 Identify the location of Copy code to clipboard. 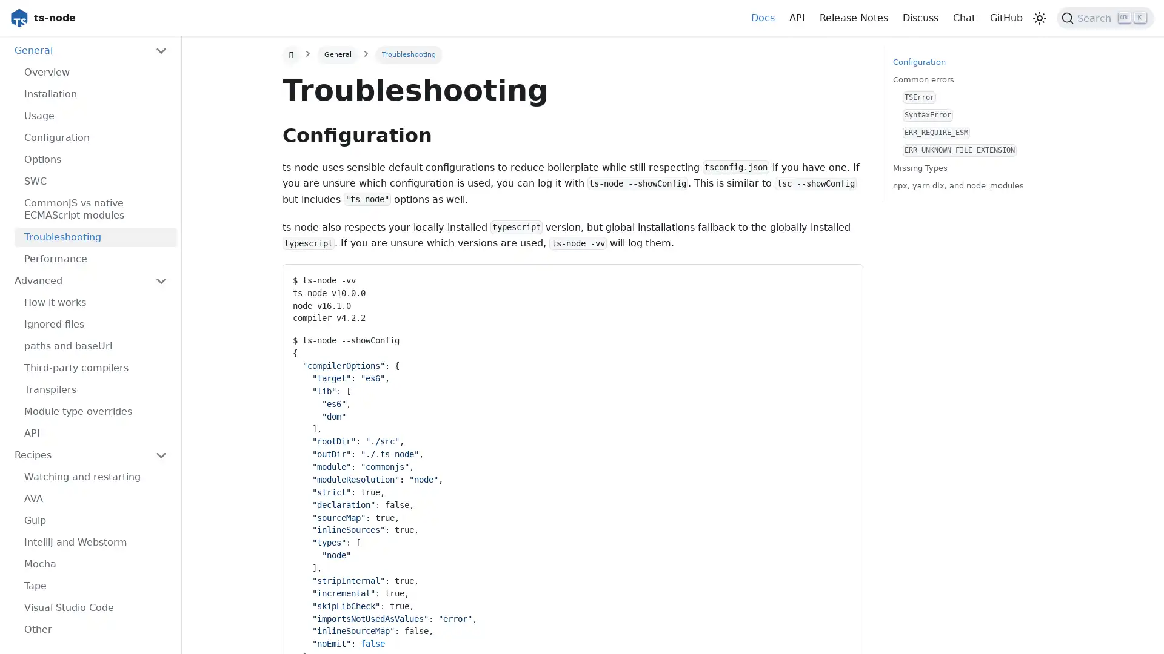
(842, 277).